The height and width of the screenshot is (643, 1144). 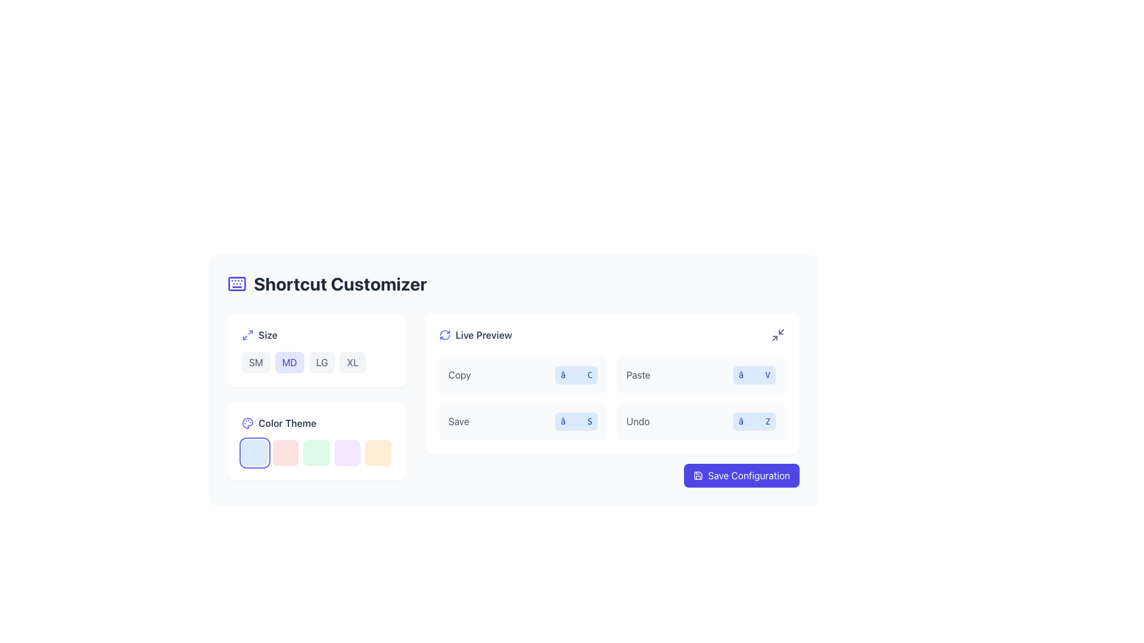 I want to click on the text content of the Text label located in the upper section of the interface, next to the keyboard icon, so click(x=340, y=284).